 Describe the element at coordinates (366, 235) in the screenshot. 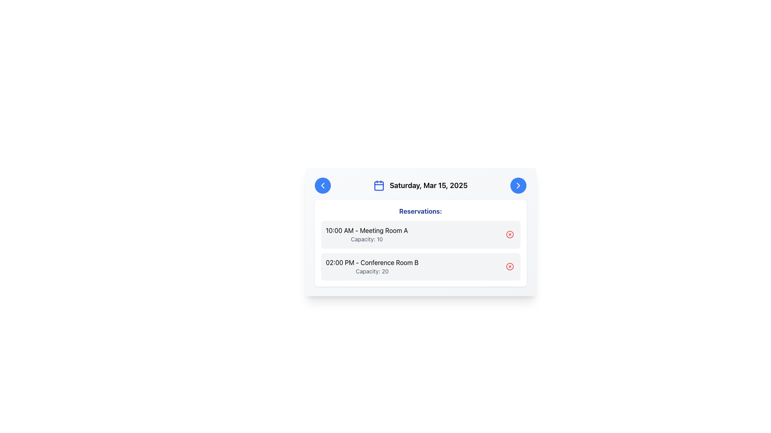

I see `the first reservation entry text label under the header 'Reservations:' which shows the time, location (Meeting Room A), and capacity (10 people)` at that location.